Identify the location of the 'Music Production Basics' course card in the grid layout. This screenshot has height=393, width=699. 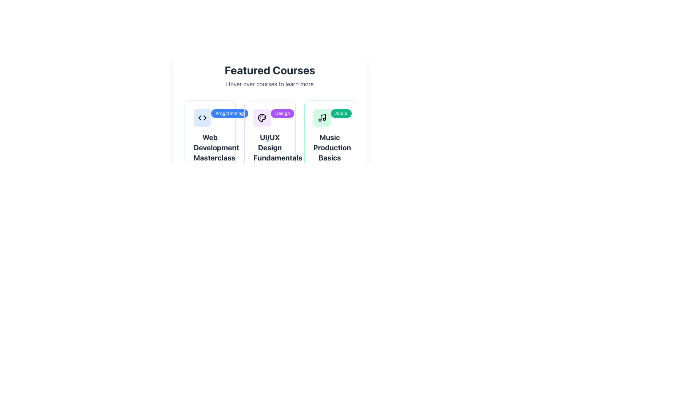
(329, 154).